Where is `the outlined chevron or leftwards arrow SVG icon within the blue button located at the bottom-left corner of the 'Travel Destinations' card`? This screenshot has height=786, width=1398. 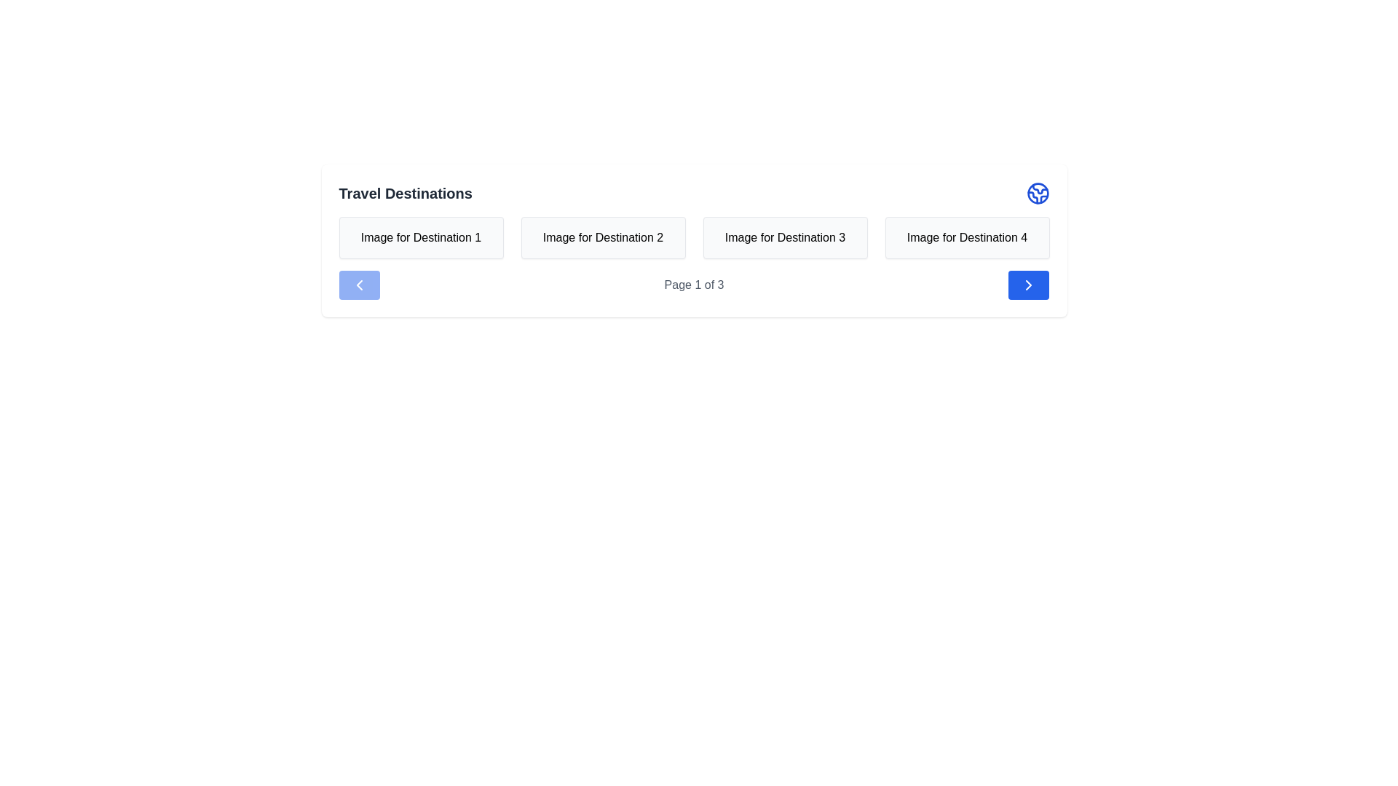 the outlined chevron or leftwards arrow SVG icon within the blue button located at the bottom-left corner of the 'Travel Destinations' card is located at coordinates (359, 285).